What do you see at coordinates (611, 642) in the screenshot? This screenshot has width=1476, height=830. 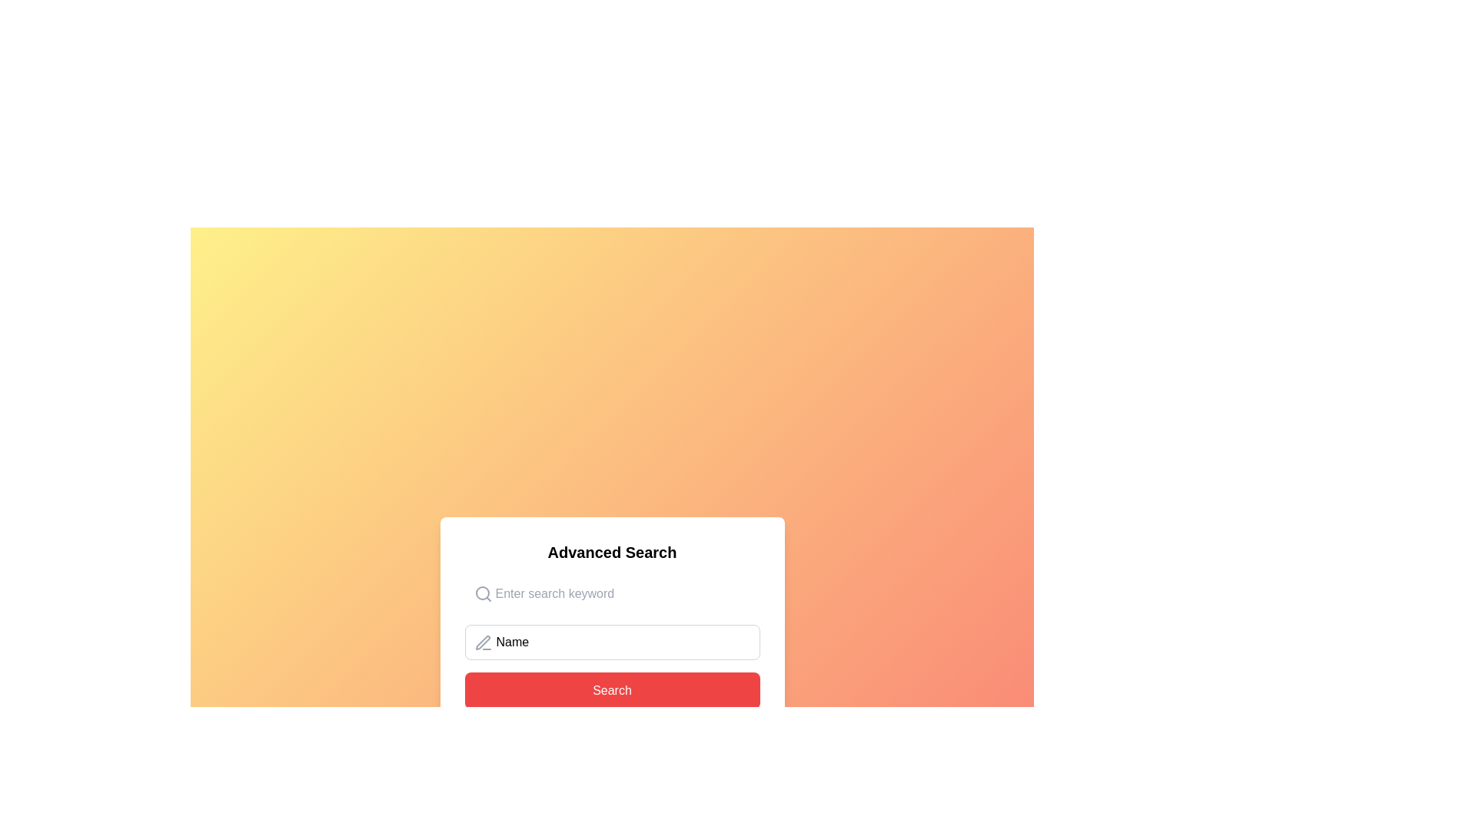 I see `the text input field for entering a name in the 'Advanced Search' feature using tab navigation` at bounding box center [611, 642].